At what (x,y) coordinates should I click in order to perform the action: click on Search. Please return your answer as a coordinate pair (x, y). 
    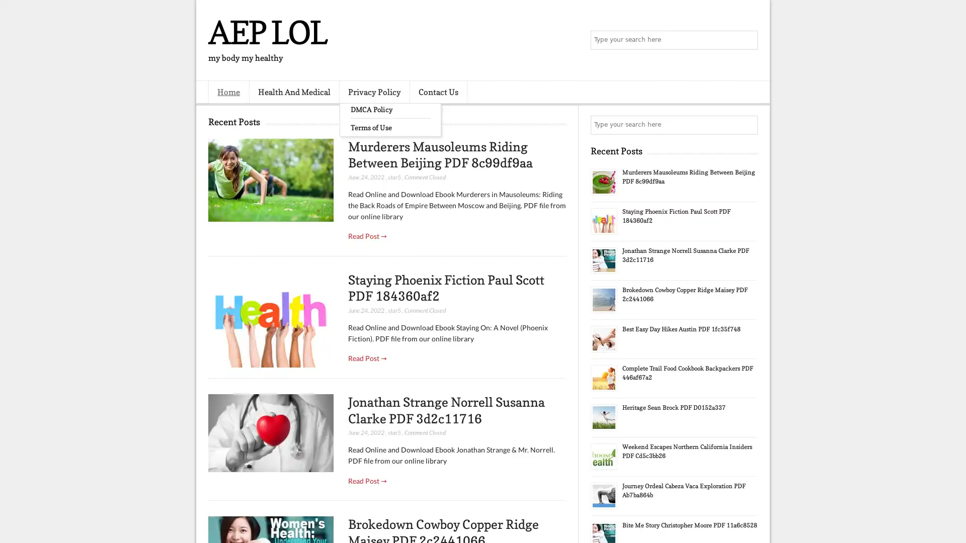
    Looking at the image, I should click on (747, 125).